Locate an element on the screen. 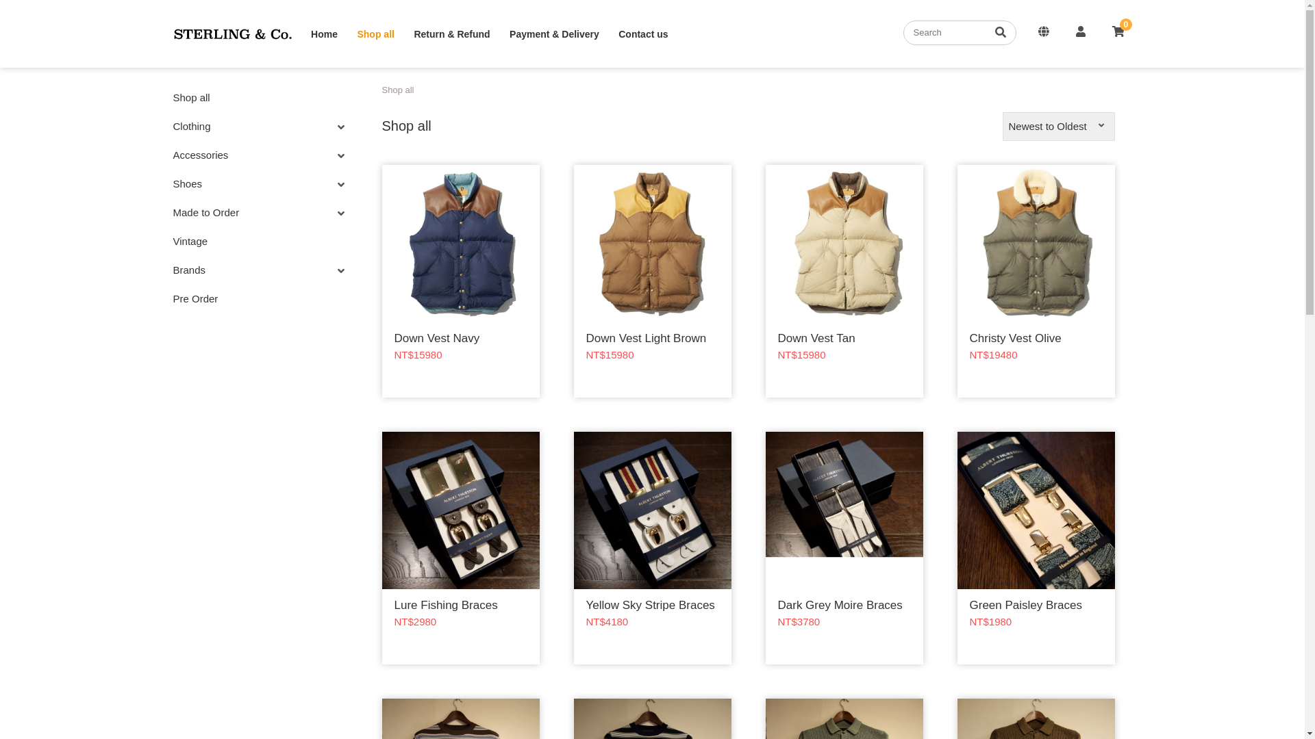 This screenshot has width=1315, height=739. 'Brands' is located at coordinates (188, 270).